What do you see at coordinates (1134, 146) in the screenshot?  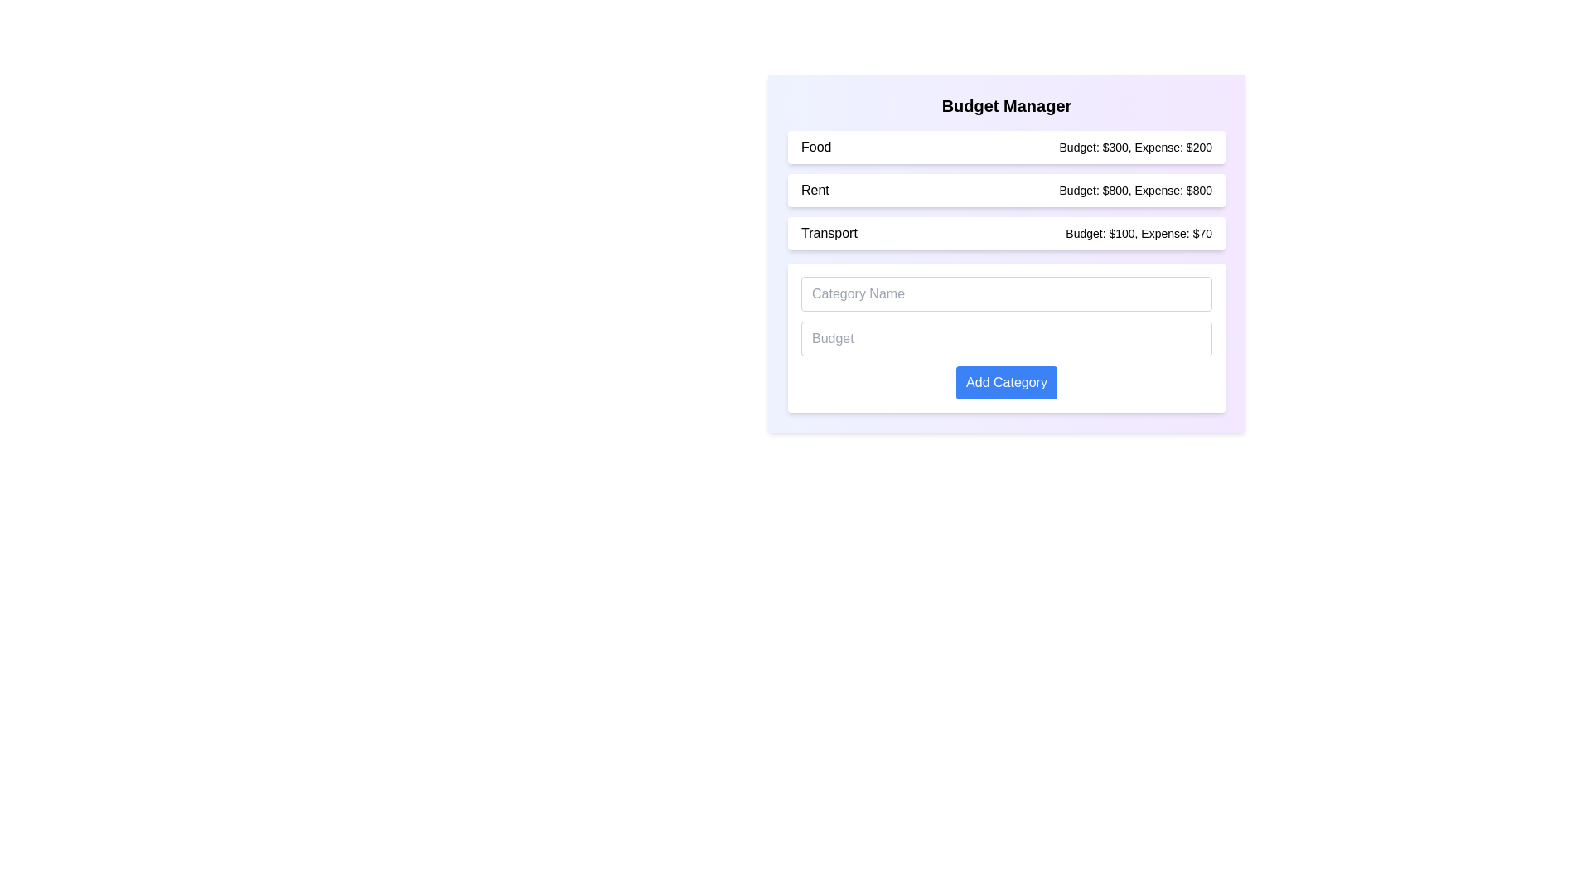 I see `information displayed in the text label showing budget and expense details for the 'Food' category, located on the far-right of the horizontal bar labeled 'Food'` at bounding box center [1134, 146].